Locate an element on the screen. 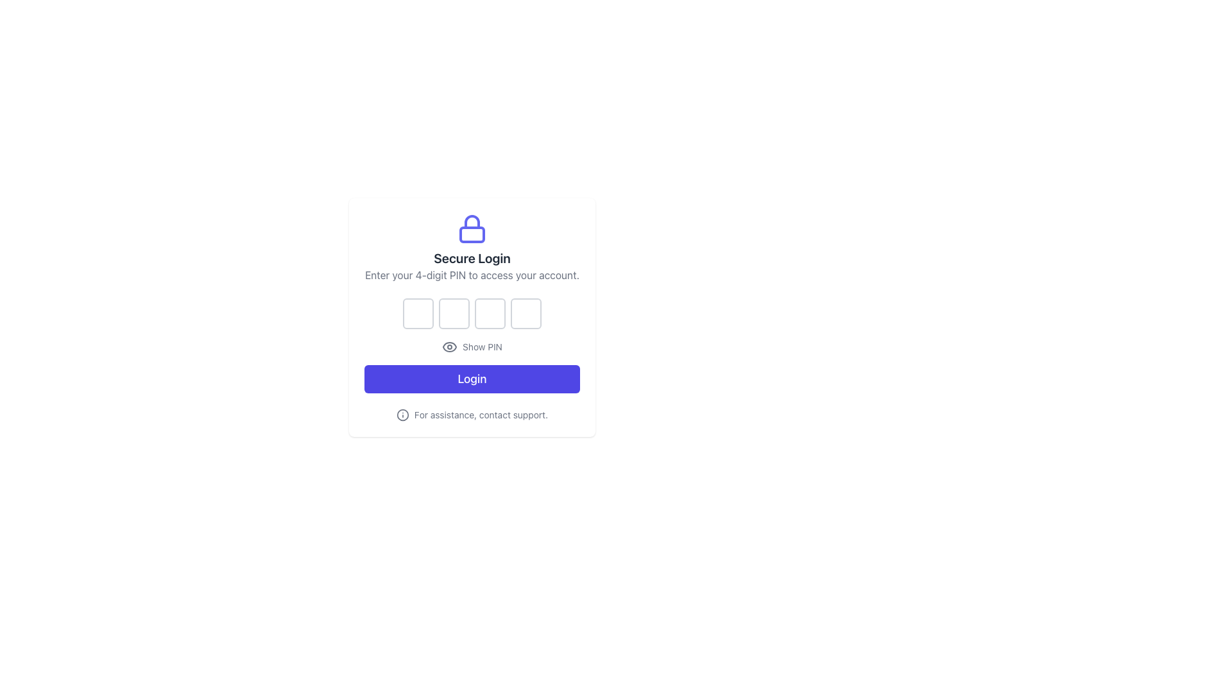 This screenshot has height=693, width=1232. the bottom rectangle of the padlock's graphical representation, which enhances the visual metaphor of security on the login interface is located at coordinates (471, 235).